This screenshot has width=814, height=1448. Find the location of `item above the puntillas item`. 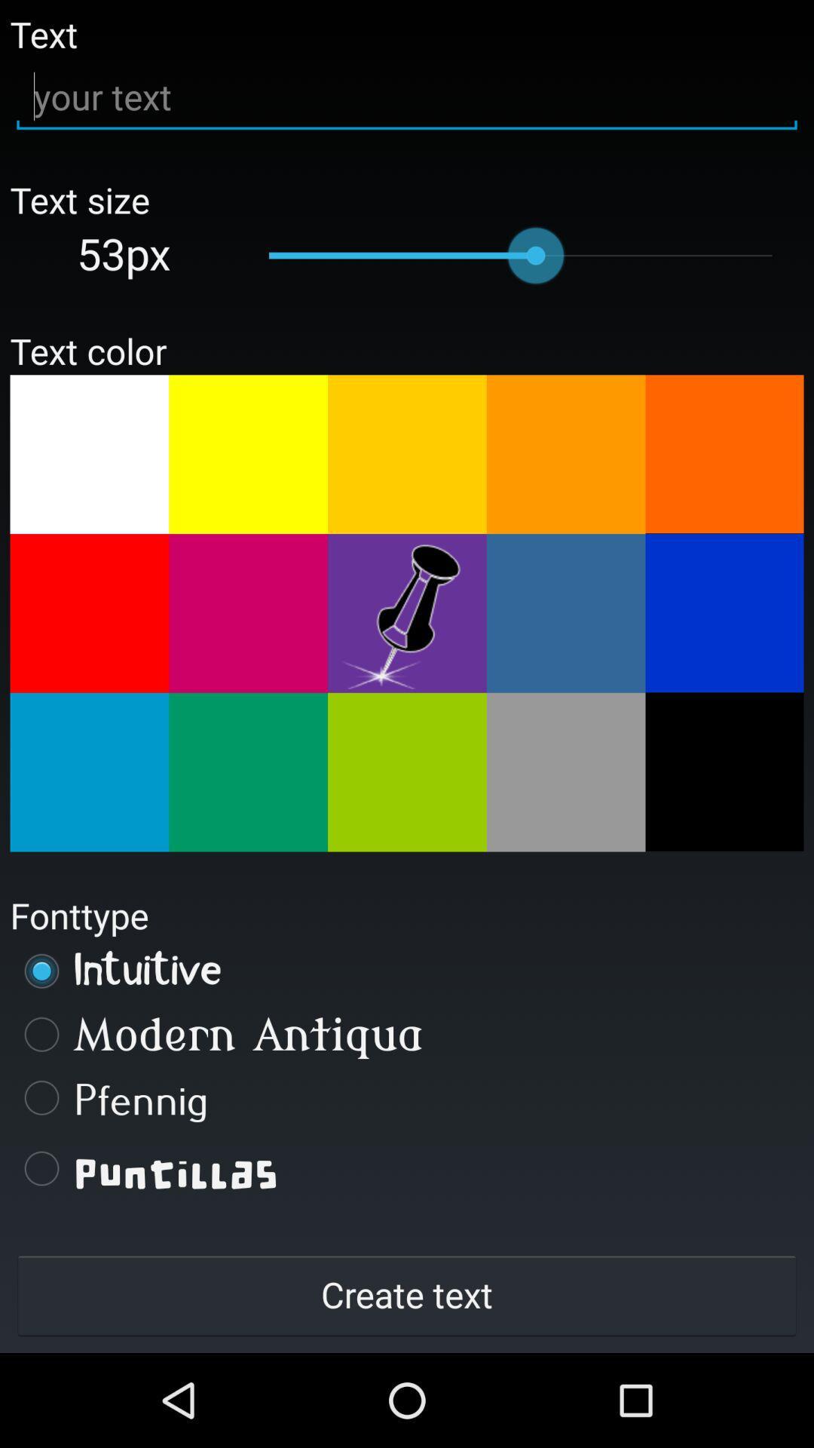

item above the puntillas item is located at coordinates (407, 1097).